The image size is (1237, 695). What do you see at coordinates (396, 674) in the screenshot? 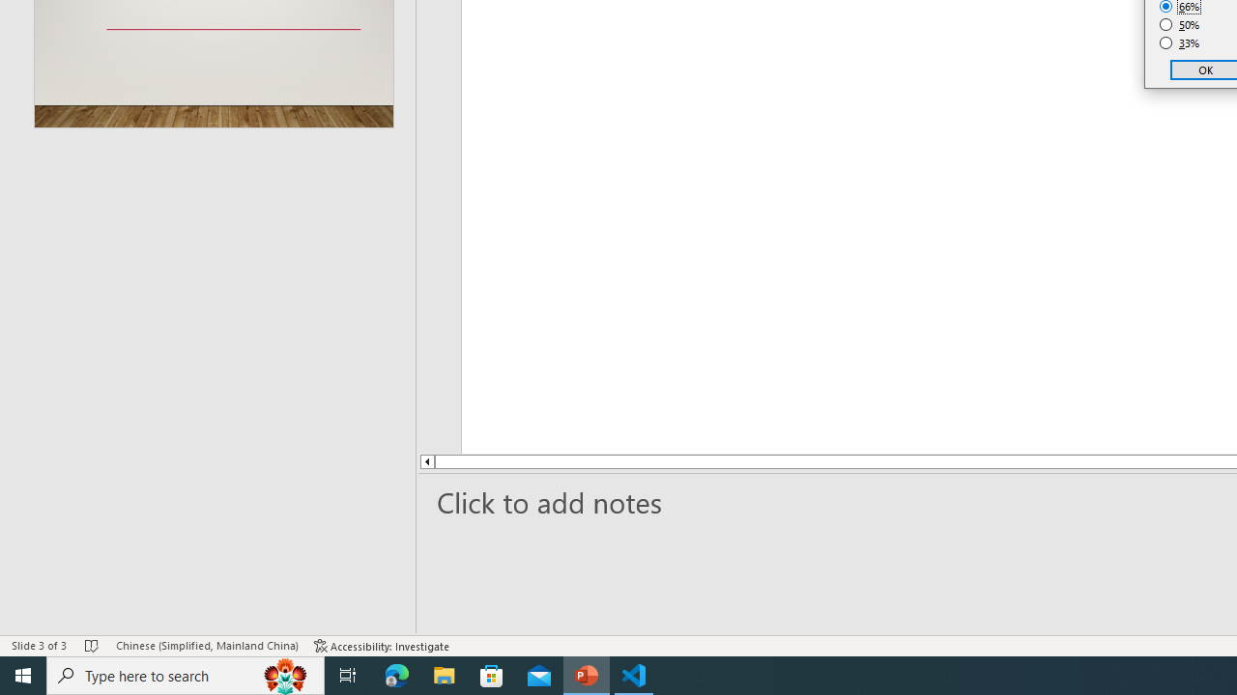
I see `'Microsoft Edge'` at bounding box center [396, 674].